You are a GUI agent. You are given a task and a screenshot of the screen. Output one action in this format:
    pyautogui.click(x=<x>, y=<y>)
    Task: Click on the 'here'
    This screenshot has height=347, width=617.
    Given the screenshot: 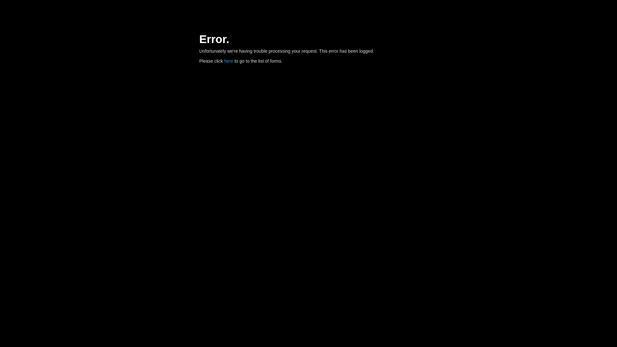 What is the action you would take?
    pyautogui.click(x=228, y=61)
    